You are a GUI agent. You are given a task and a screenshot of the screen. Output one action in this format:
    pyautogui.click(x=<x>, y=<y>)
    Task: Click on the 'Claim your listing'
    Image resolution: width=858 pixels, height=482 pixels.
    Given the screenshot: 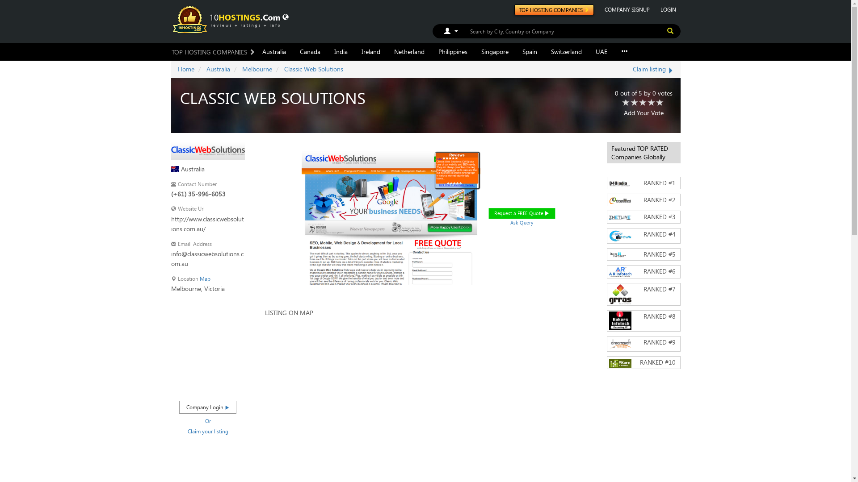 What is the action you would take?
    pyautogui.click(x=187, y=430)
    